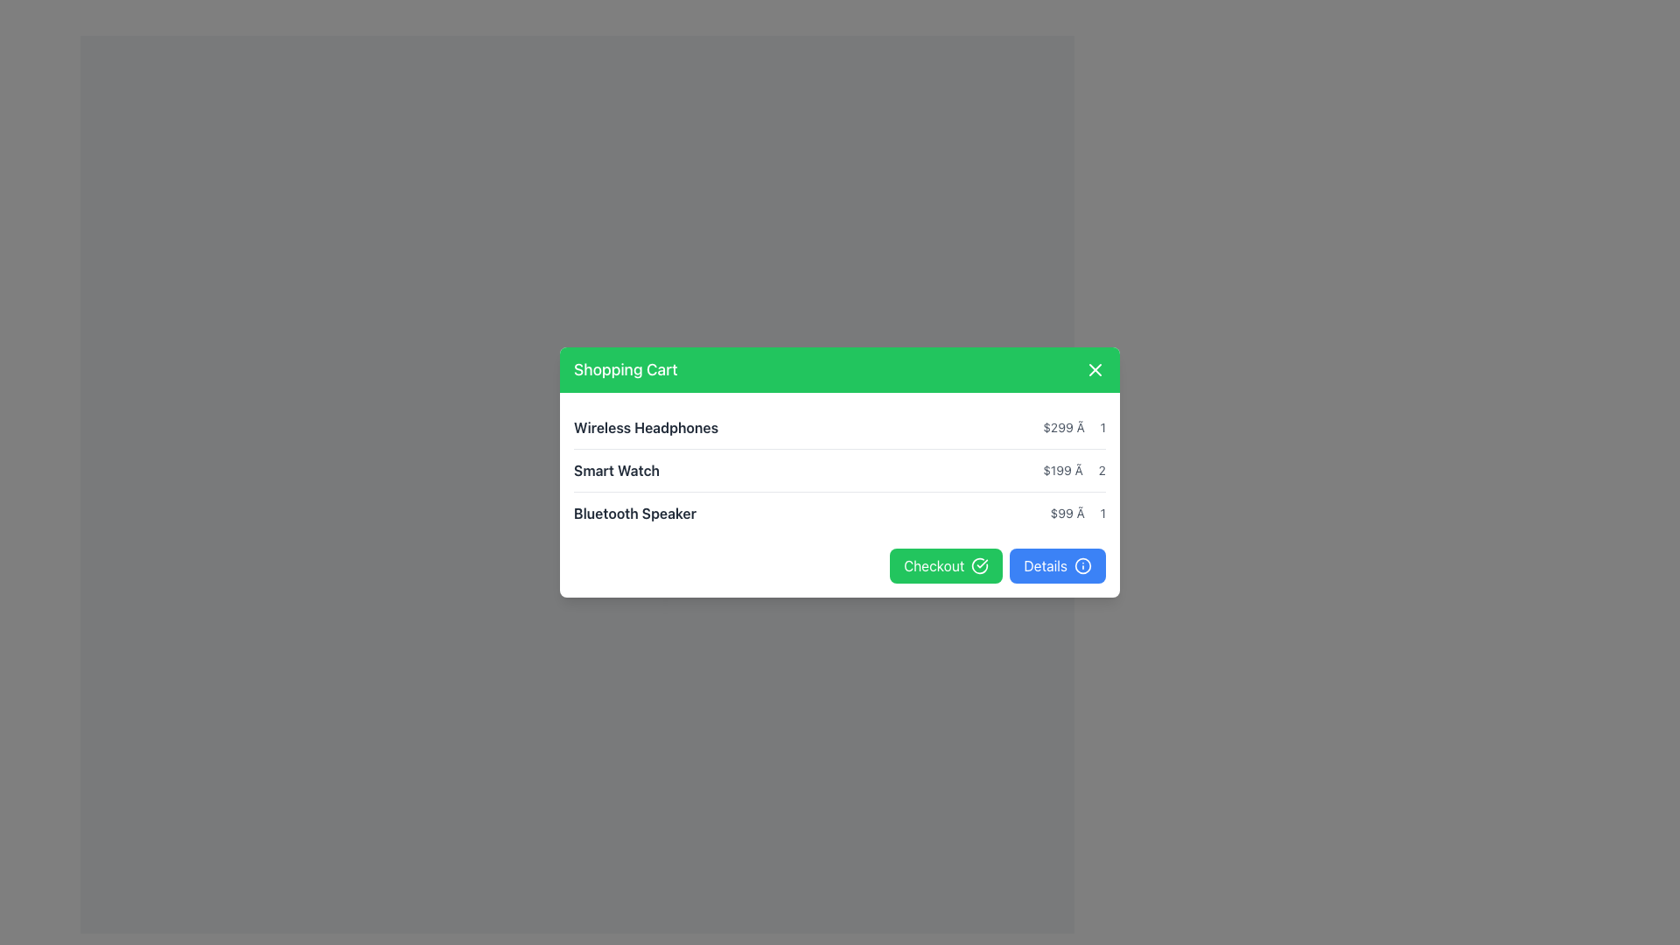 The width and height of the screenshot is (1680, 945). What do you see at coordinates (1074, 428) in the screenshot?
I see `the text label displaying the price and quantity of the item, which reads '$299 × 1', located at the right end of the 'Wireless Headphones' product line in the shopping cart interface` at bounding box center [1074, 428].